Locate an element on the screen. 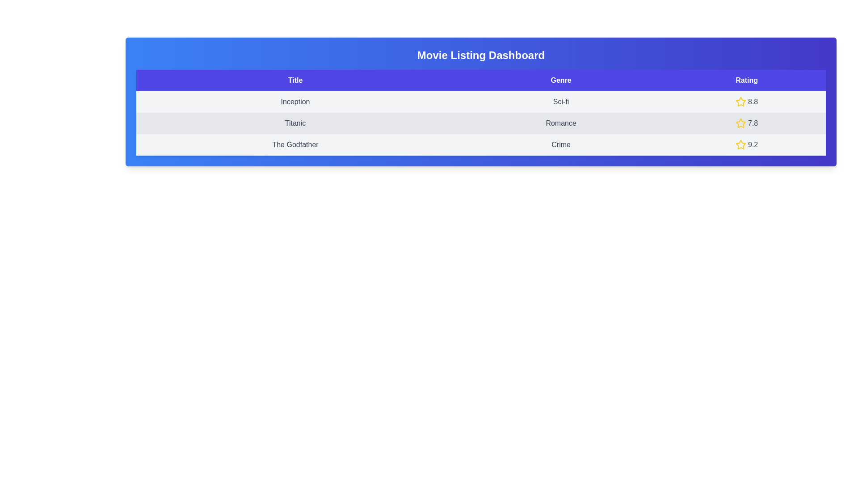  the yellow outlined star icon representing the rating for the movie 'Inception', positioned to the left of the rating number '8.8' is located at coordinates (740, 101).